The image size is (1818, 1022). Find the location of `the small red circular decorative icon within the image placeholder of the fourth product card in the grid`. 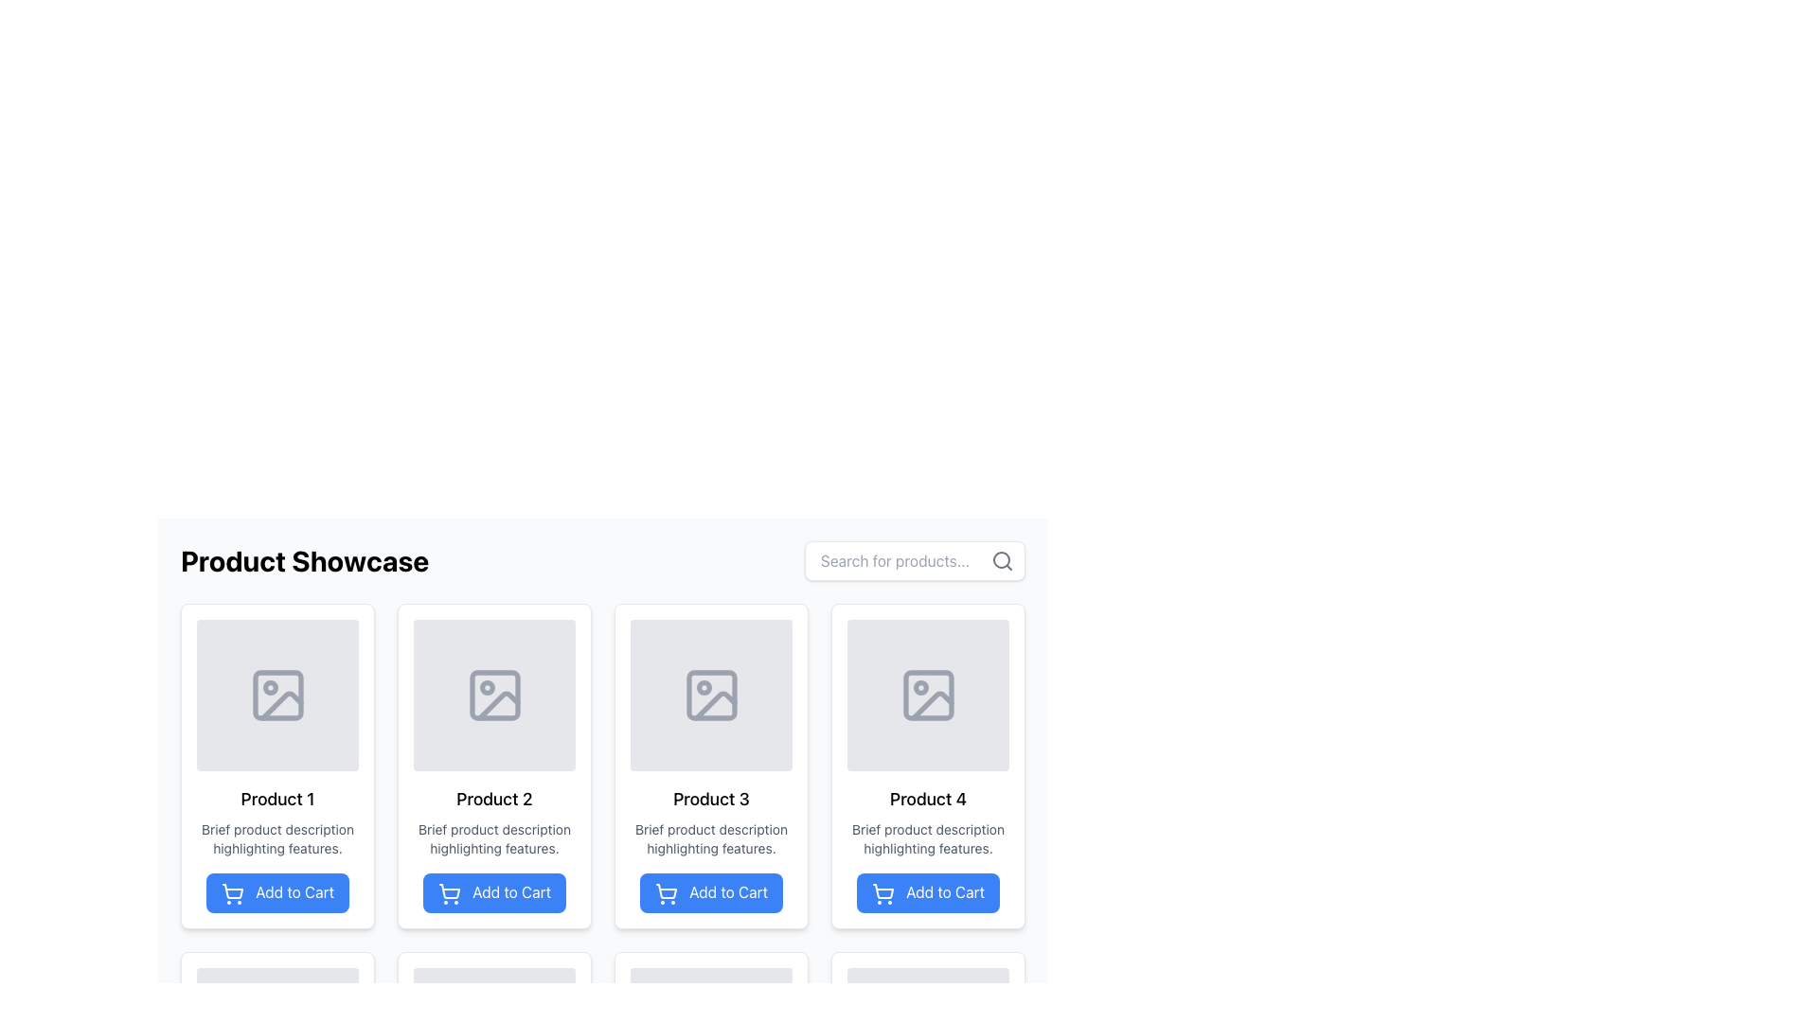

the small red circular decorative icon within the image placeholder of the fourth product card in the grid is located at coordinates (920, 687).